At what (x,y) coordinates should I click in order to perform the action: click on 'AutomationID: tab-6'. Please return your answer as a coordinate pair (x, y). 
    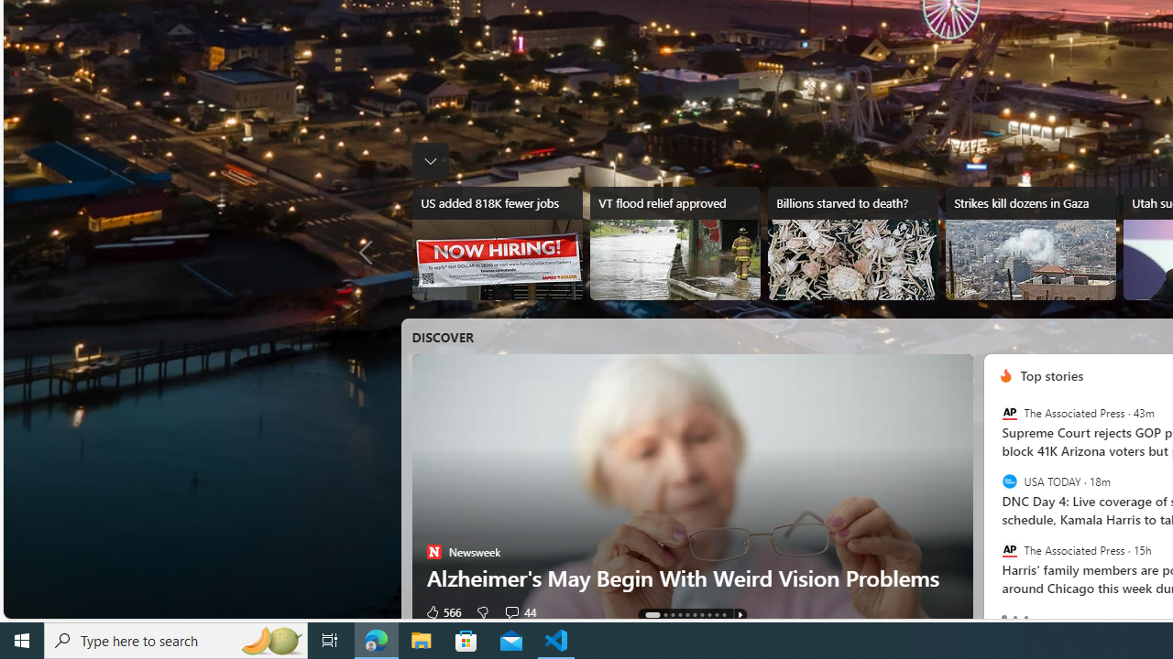
    Looking at the image, I should click on (701, 615).